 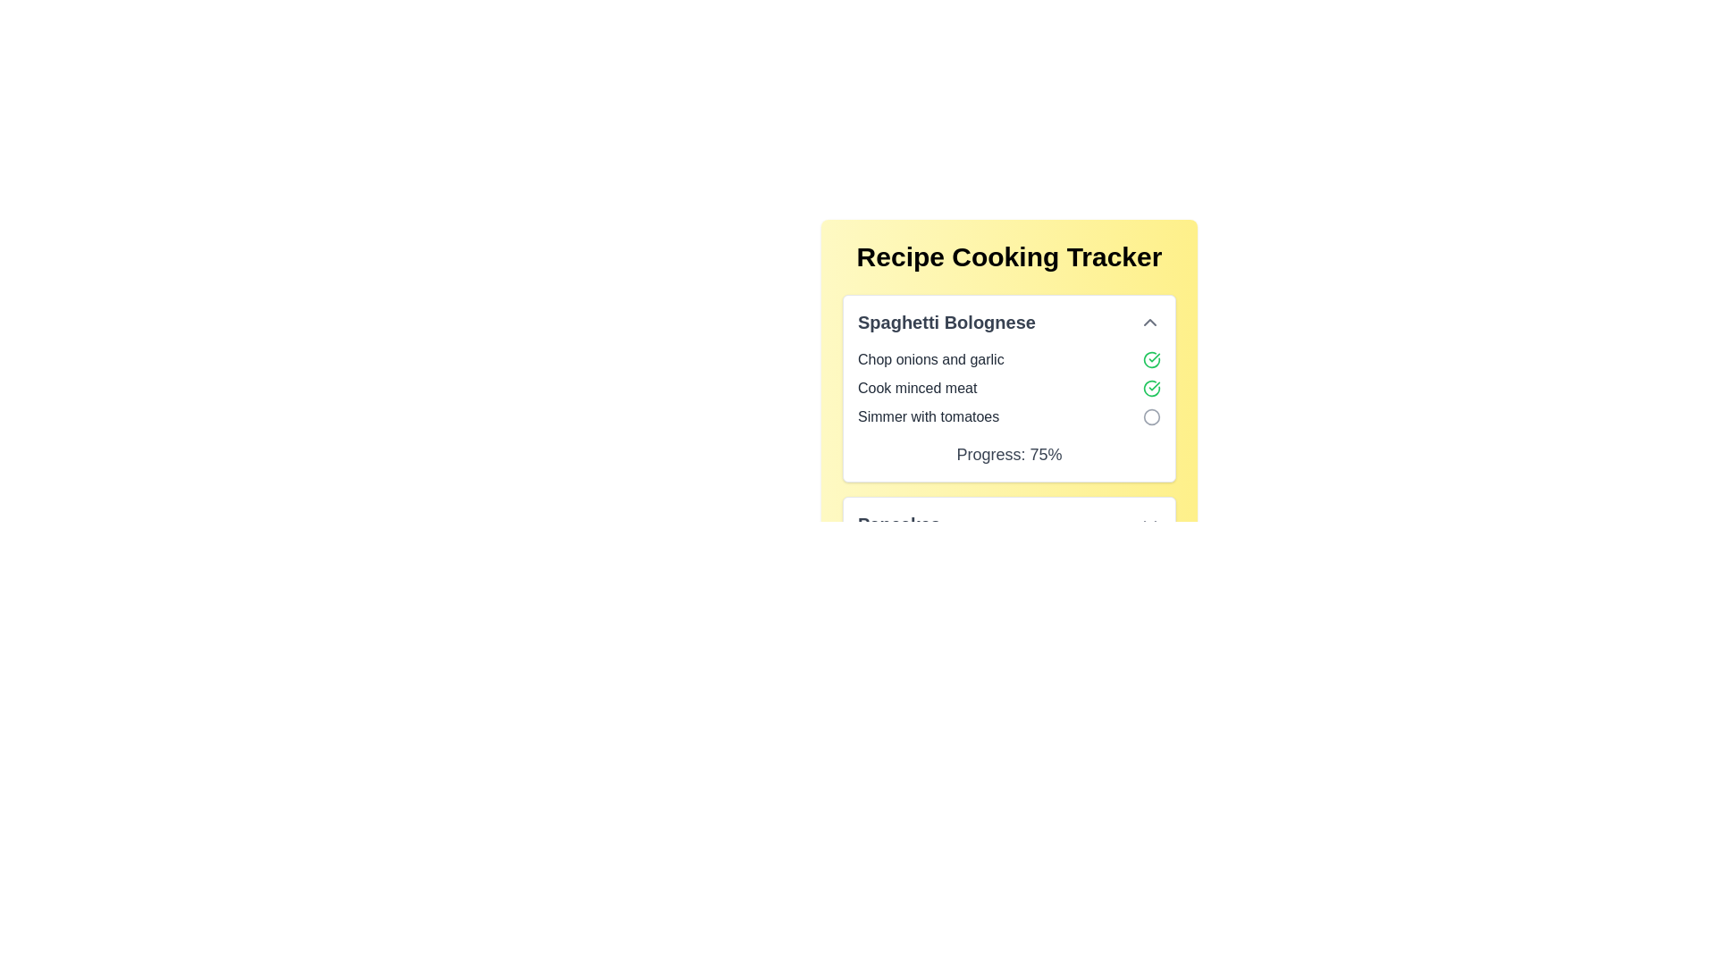 What do you see at coordinates (1152, 416) in the screenshot?
I see `the circular status indicator icon for the task 'Simmer with tomatoes' located in the rightmost column of the checklist under the 'Recipe Cooking Tracker' interface` at bounding box center [1152, 416].